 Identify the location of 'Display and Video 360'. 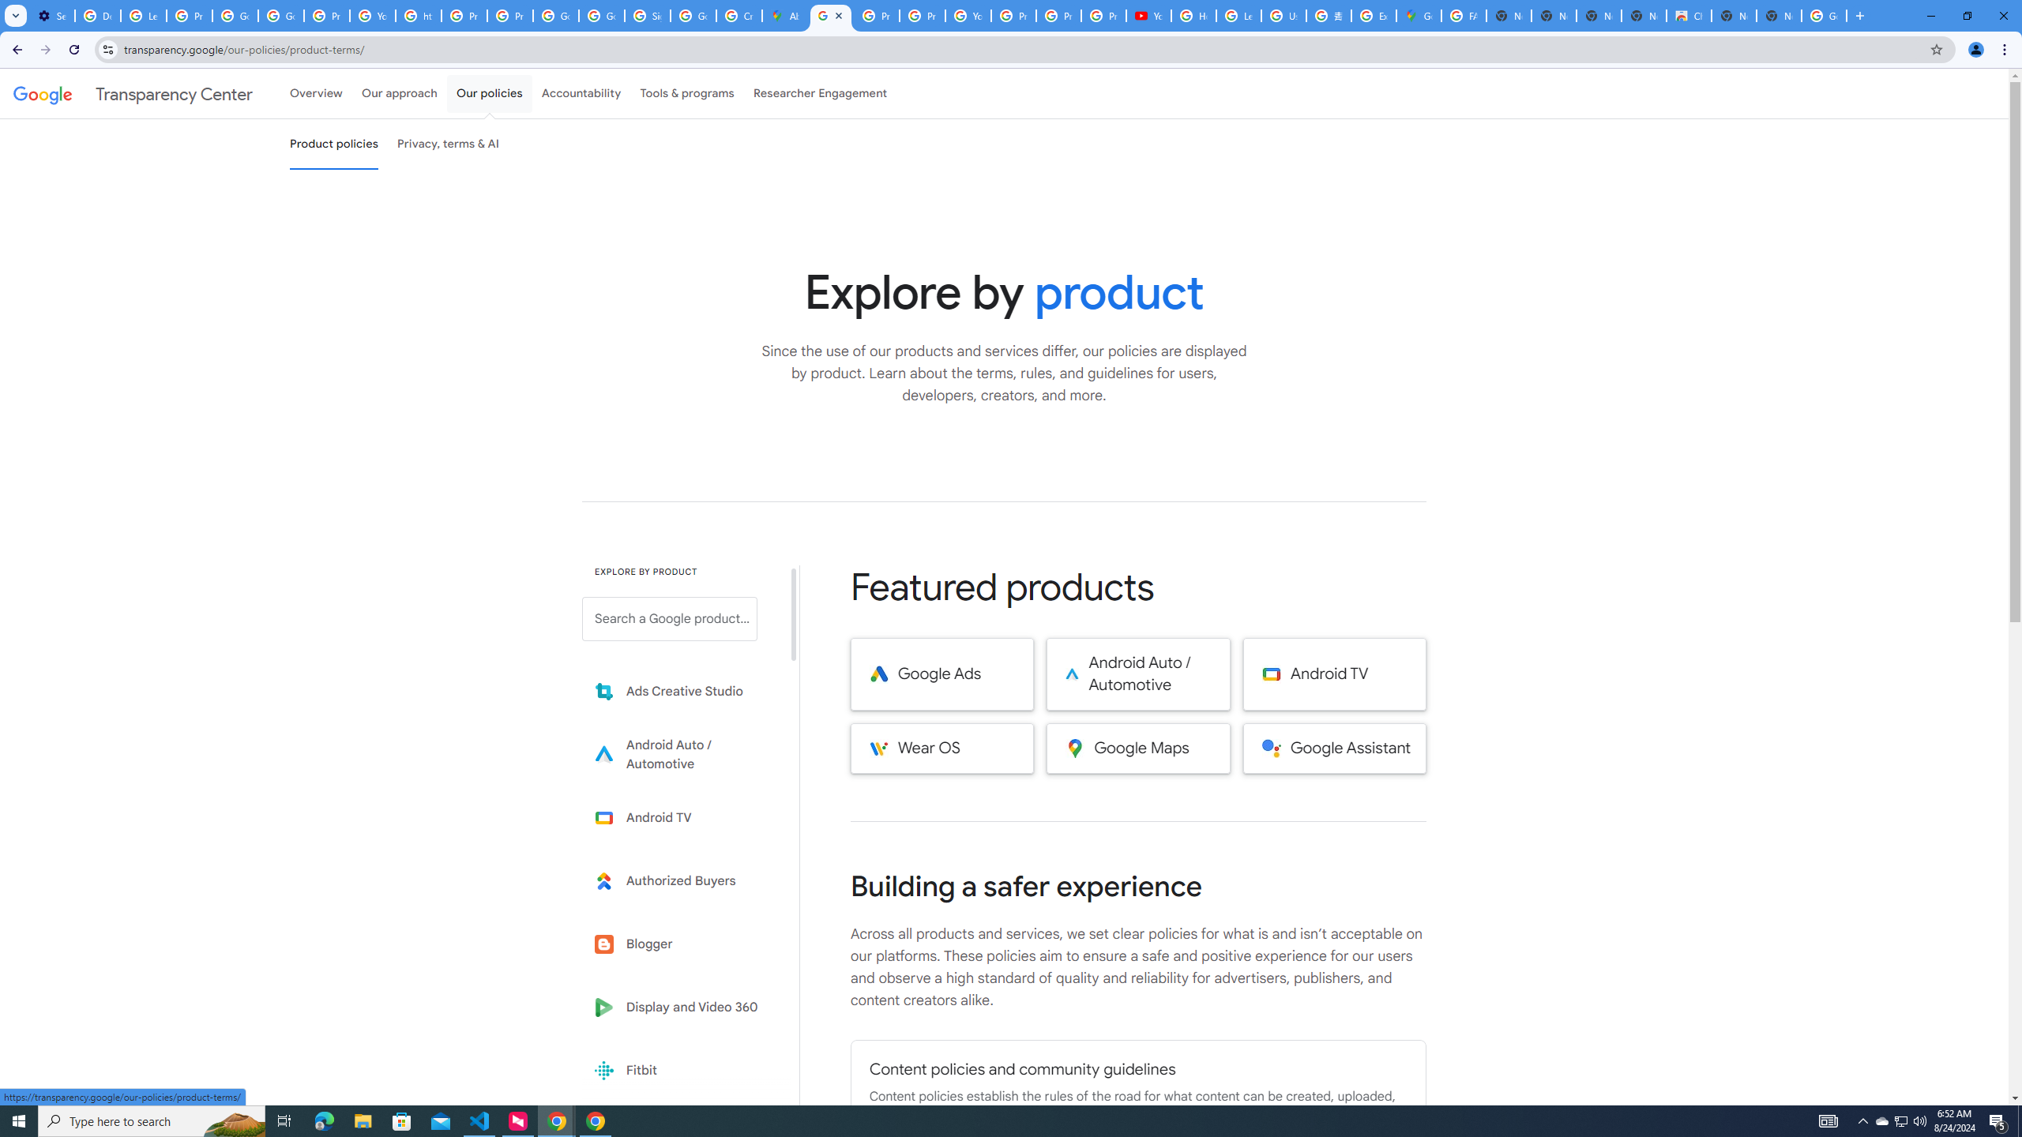
(680, 1007).